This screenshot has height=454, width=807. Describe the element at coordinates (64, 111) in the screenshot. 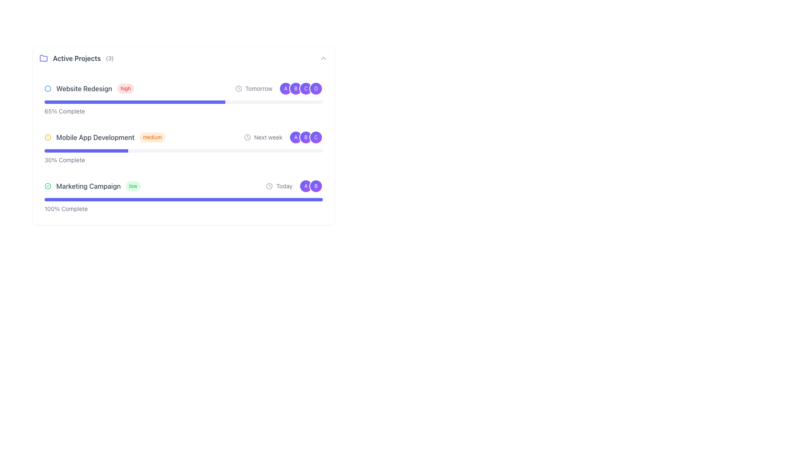

I see `the text label that displays the completion percentage for the 'Website Redesign' task under the 'Active Projects' heading` at that location.